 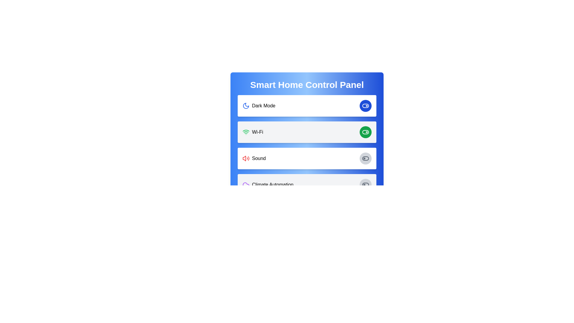 I want to click on the toggle switch located inside a gray circular background, which is the rightmost part of the 'Climate Automation' row in the 'Smart Home Control Panel', so click(x=365, y=184).